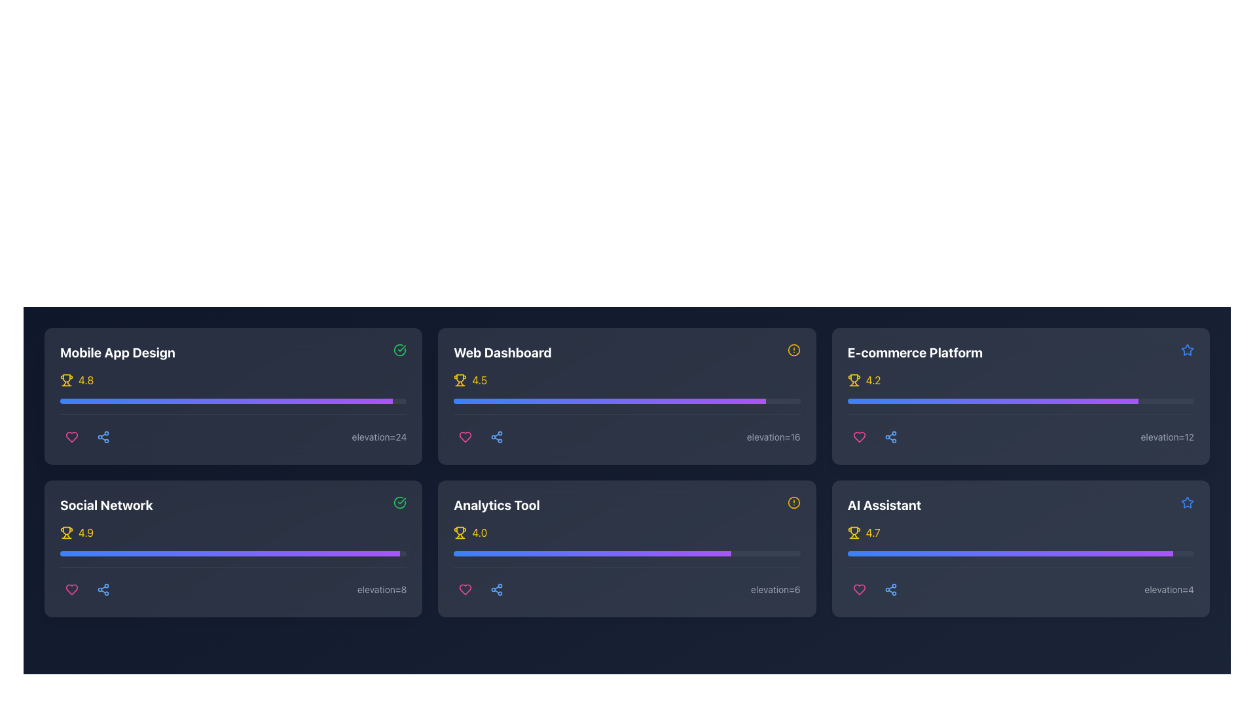  What do you see at coordinates (71, 590) in the screenshot?
I see `the pink heart icon located in the bottom-left corner of the 'Social Network' card to like the item` at bounding box center [71, 590].